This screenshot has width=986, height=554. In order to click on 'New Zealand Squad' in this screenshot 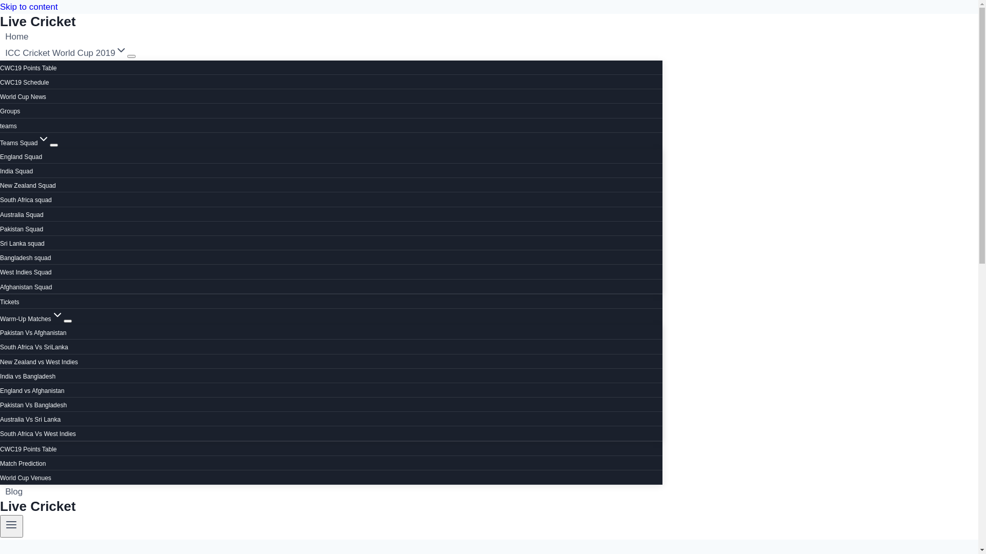, I will do `click(28, 186)`.